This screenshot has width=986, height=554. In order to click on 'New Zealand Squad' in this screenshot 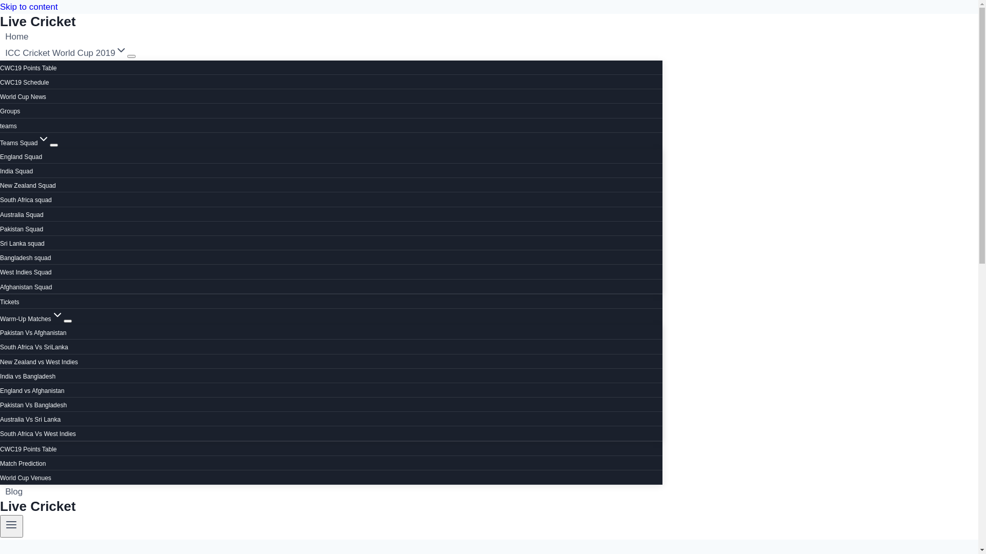, I will do `click(28, 186)`.